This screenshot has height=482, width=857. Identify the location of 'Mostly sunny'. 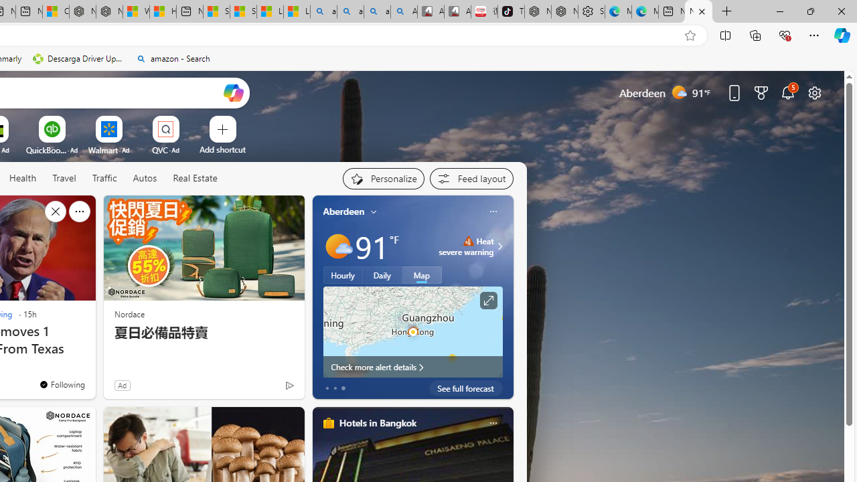
(337, 246).